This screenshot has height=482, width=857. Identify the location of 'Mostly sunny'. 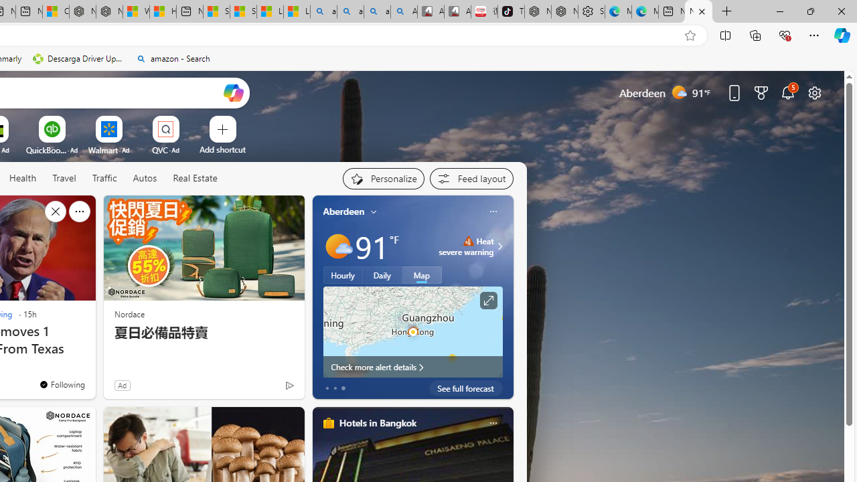
(337, 246).